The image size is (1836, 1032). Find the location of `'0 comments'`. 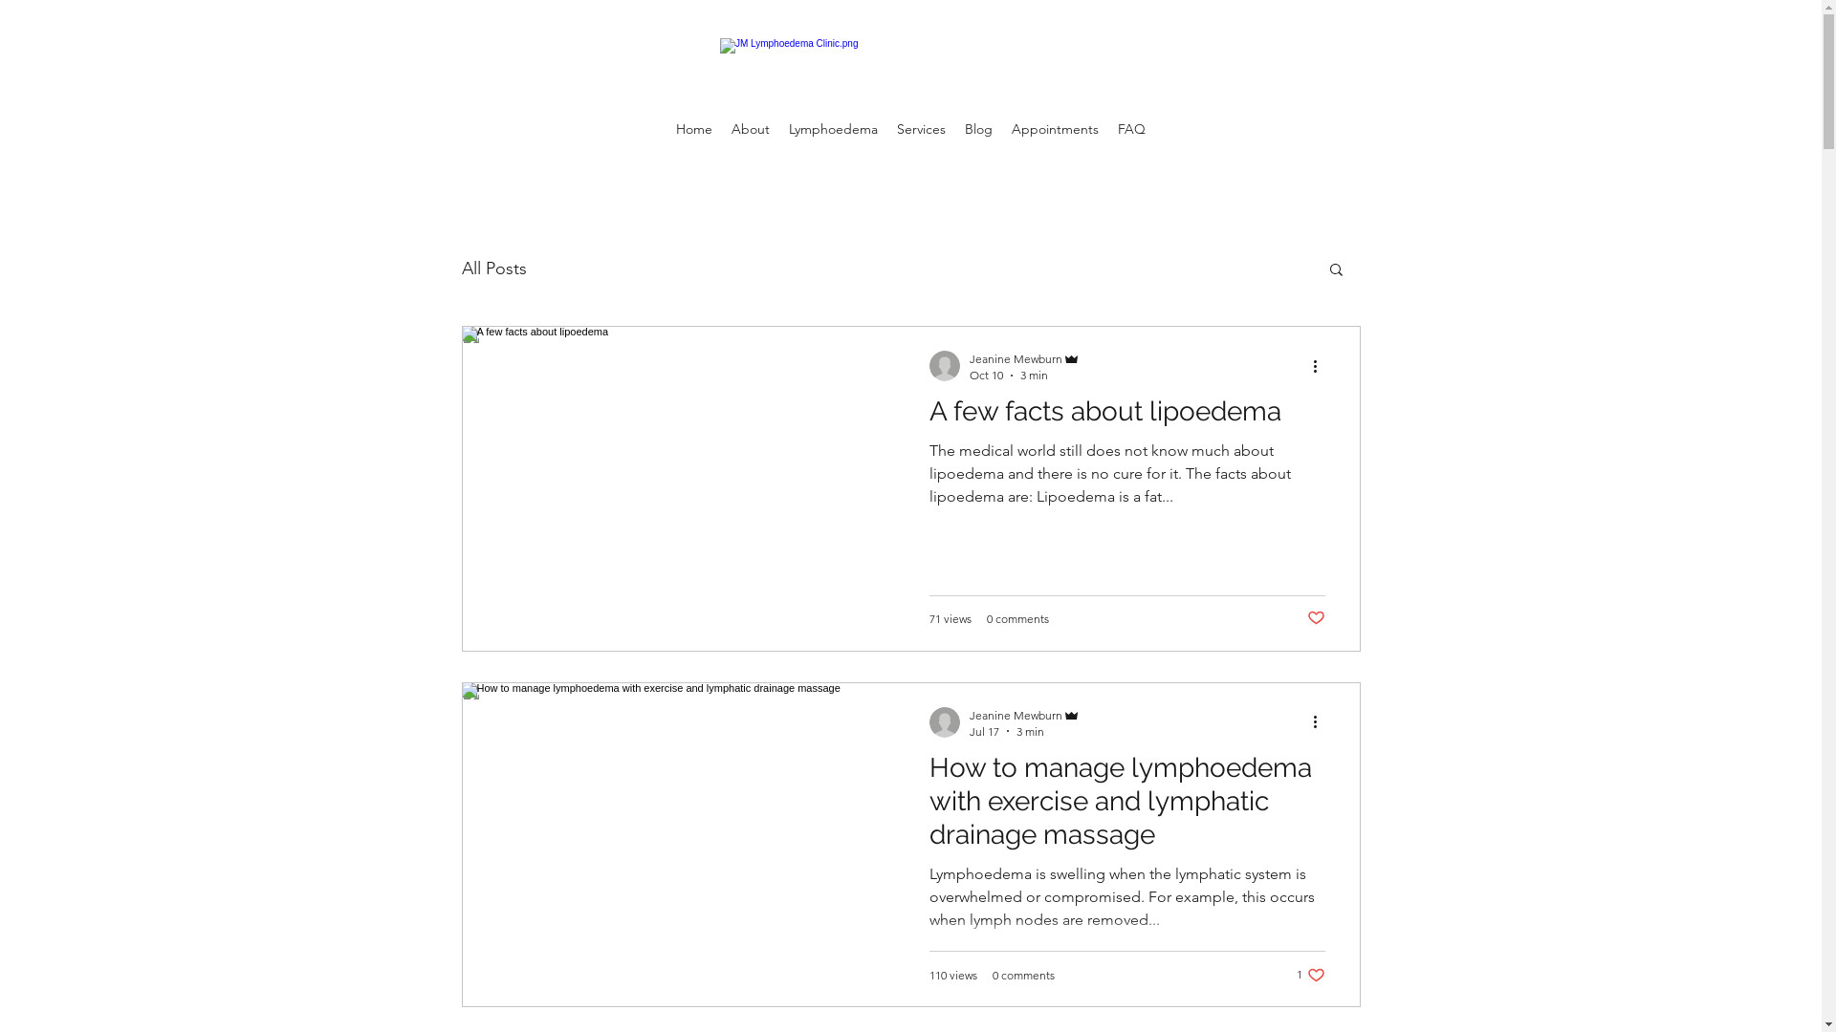

'0 comments' is located at coordinates (1016, 618).